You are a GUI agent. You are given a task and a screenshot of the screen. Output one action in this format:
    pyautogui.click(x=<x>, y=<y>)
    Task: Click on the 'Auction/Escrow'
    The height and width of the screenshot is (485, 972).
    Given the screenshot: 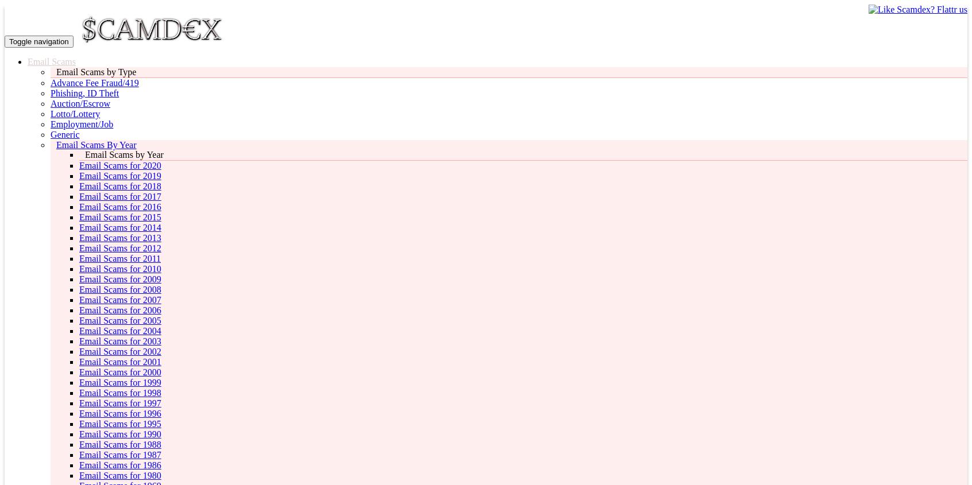 What is the action you would take?
    pyautogui.click(x=50, y=103)
    